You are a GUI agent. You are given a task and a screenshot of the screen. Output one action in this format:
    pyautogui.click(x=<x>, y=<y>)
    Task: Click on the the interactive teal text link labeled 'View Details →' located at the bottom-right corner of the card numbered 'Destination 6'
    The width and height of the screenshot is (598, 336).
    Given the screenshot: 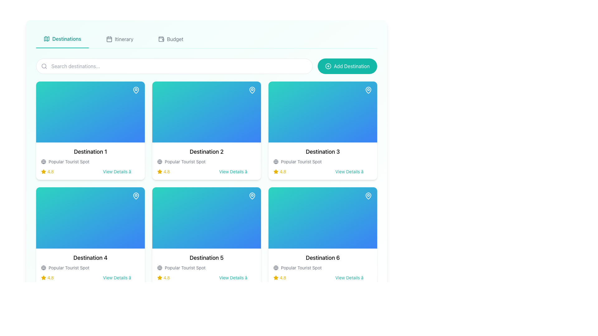 What is the action you would take?
    pyautogui.click(x=354, y=277)
    